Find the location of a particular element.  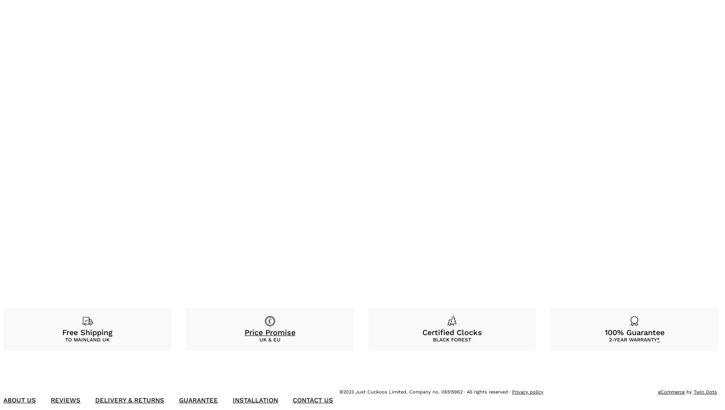

'Twin Dots' is located at coordinates (705, 391).